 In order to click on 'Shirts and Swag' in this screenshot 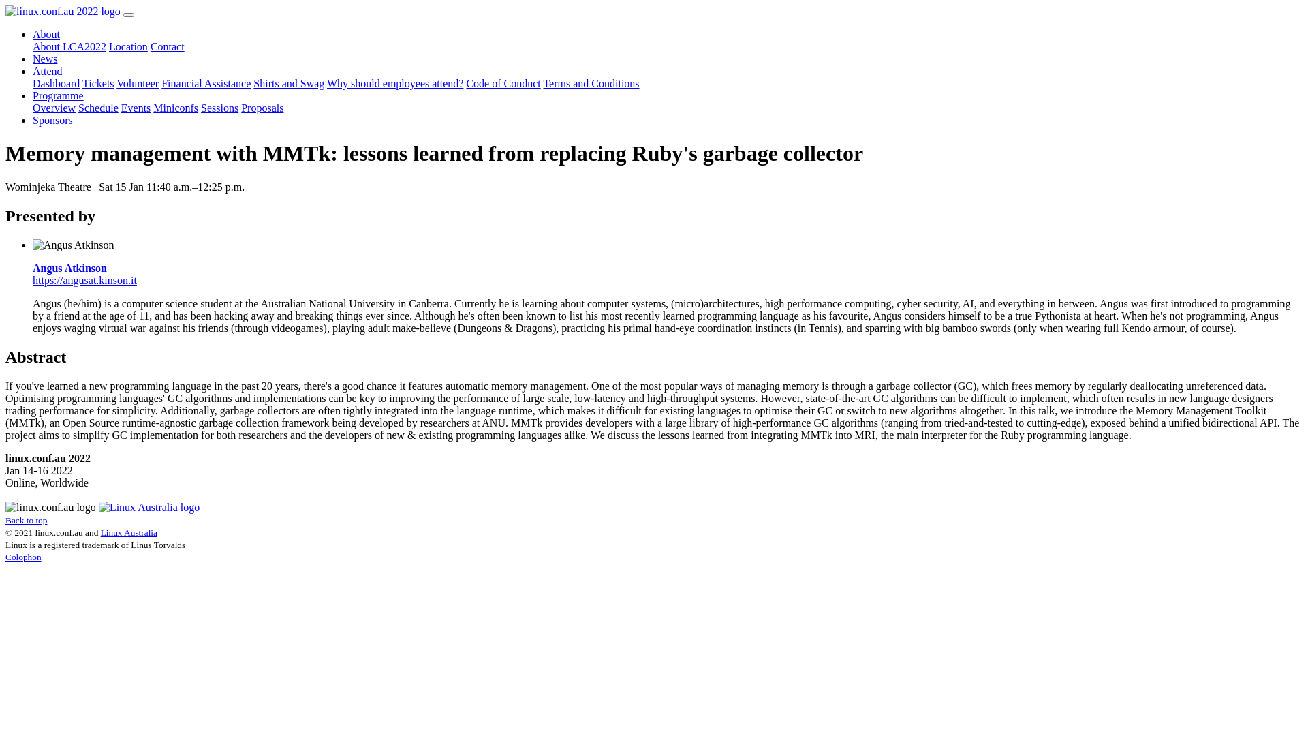, I will do `click(253, 83)`.